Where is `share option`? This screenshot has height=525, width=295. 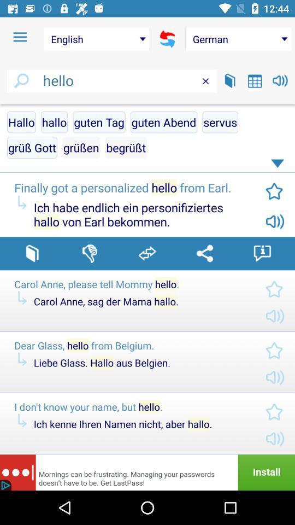 share option is located at coordinates (204, 253).